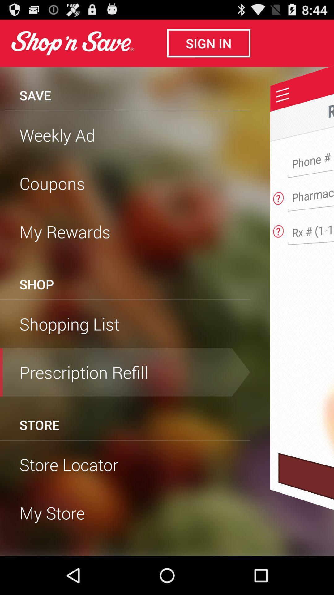 The image size is (334, 595). I want to click on the item below the shop item, so click(125, 300).